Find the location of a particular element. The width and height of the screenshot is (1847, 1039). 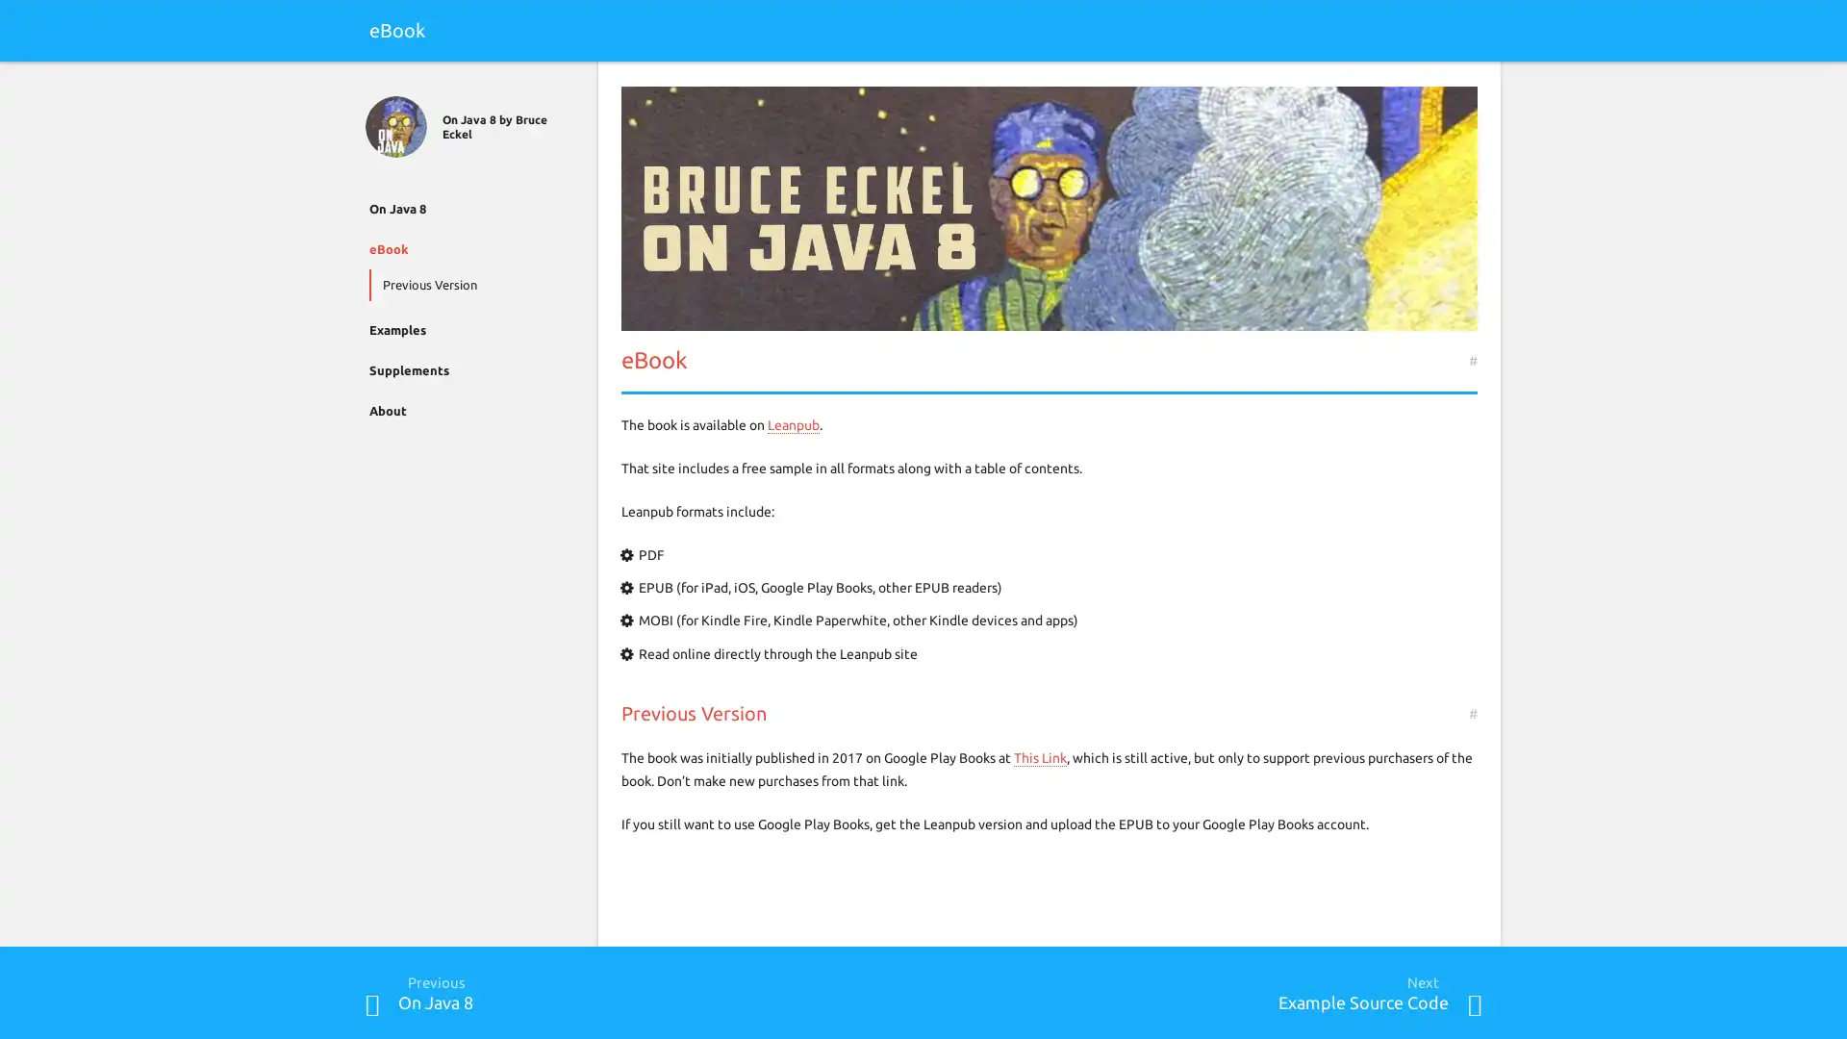

Previous is located at coordinates (372, 1003).